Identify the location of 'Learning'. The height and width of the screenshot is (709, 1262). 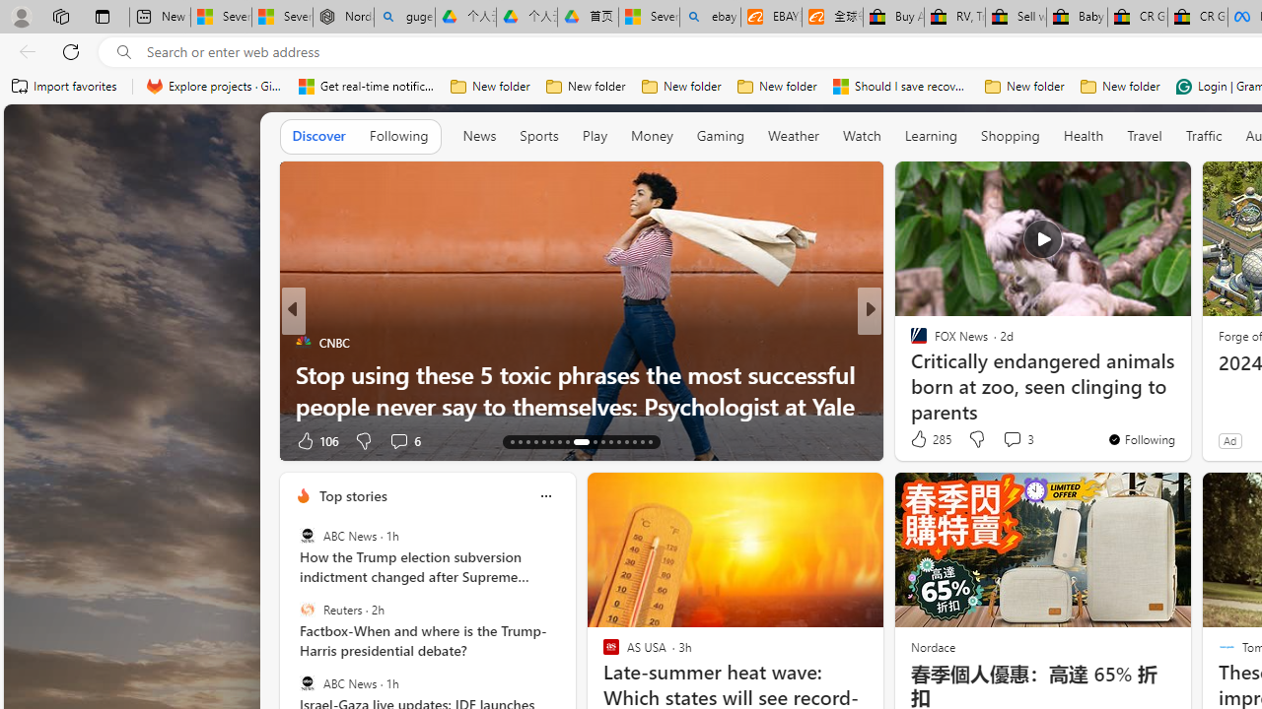
(930, 134).